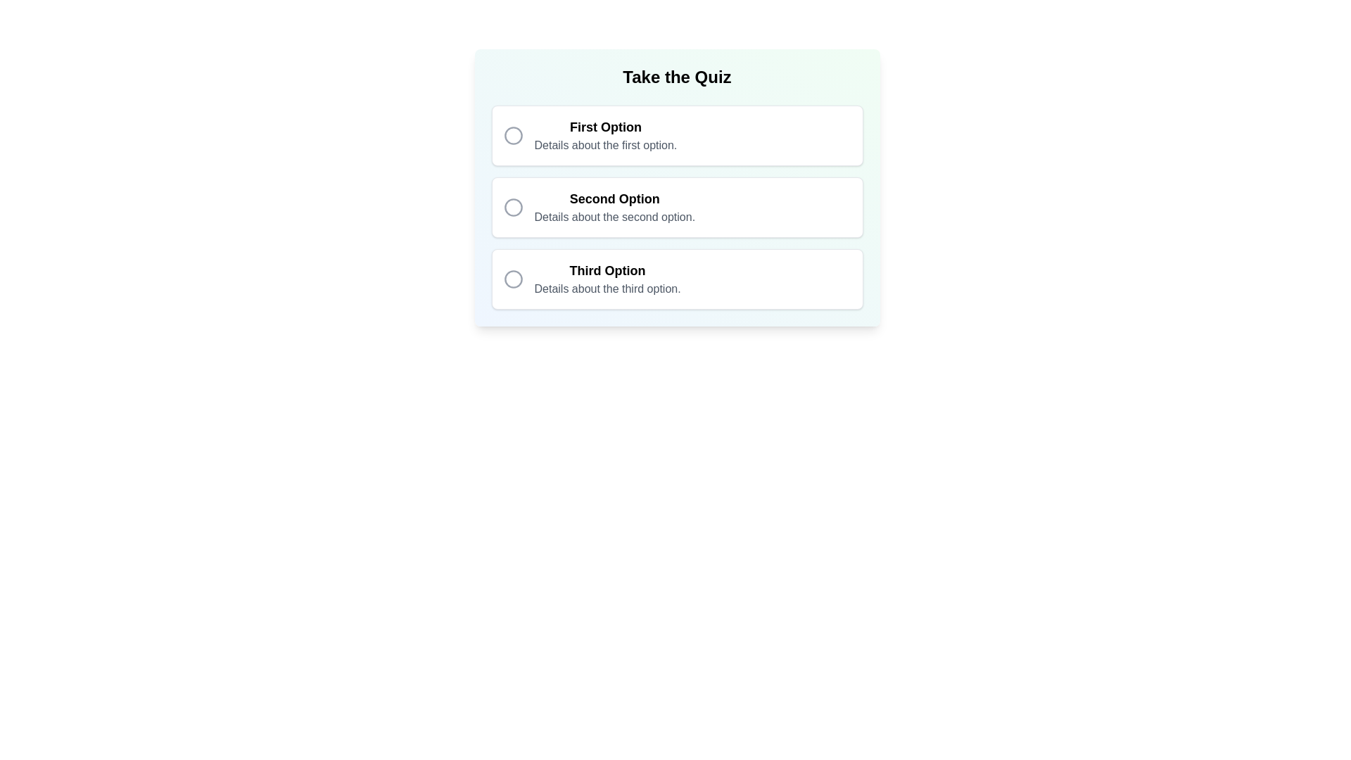 This screenshot has height=760, width=1351. Describe the element at coordinates (607, 289) in the screenshot. I see `the text label providing additional information about the third option in the quiz interface, located beneath the heading 'Third Option'` at that location.